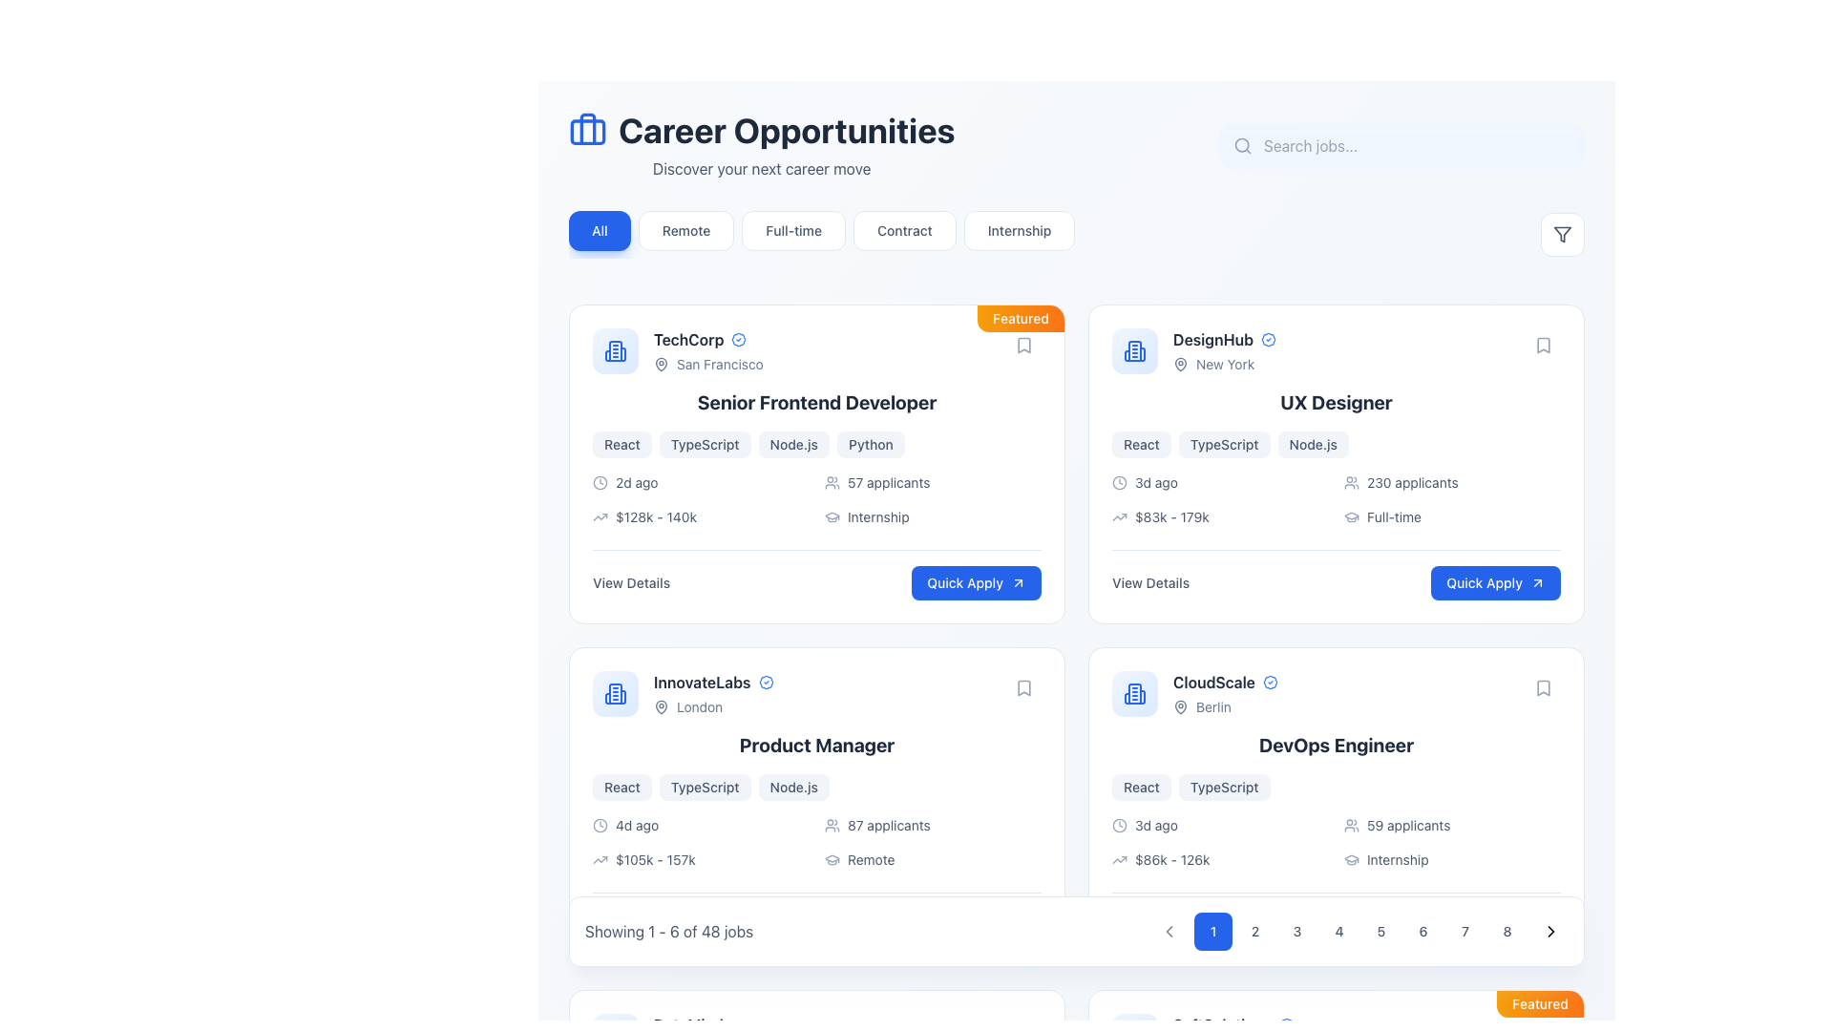 This screenshot has width=1833, height=1031. Describe the element at coordinates (1135, 350) in the screenshot. I see `the building icon with a blue-gradient background located in the top right section of the 'DesignHub' card under 'Career Opportunities'` at that location.